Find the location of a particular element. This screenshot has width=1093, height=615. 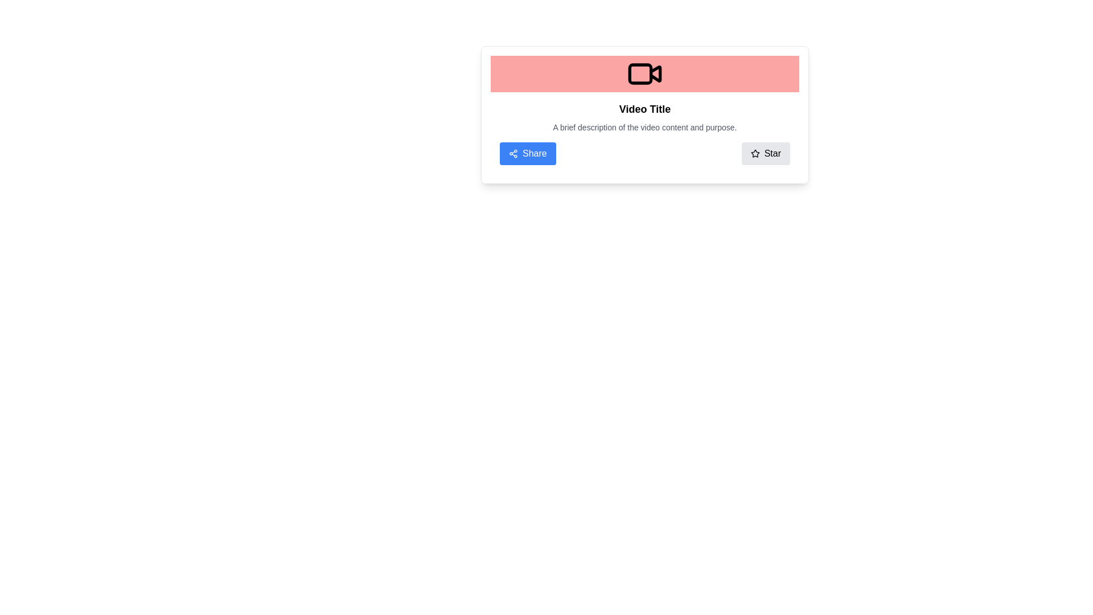

the 'Favorite' button located to the right of the 'Share' button to mark the associated content as a preferred item is located at coordinates (766, 154).